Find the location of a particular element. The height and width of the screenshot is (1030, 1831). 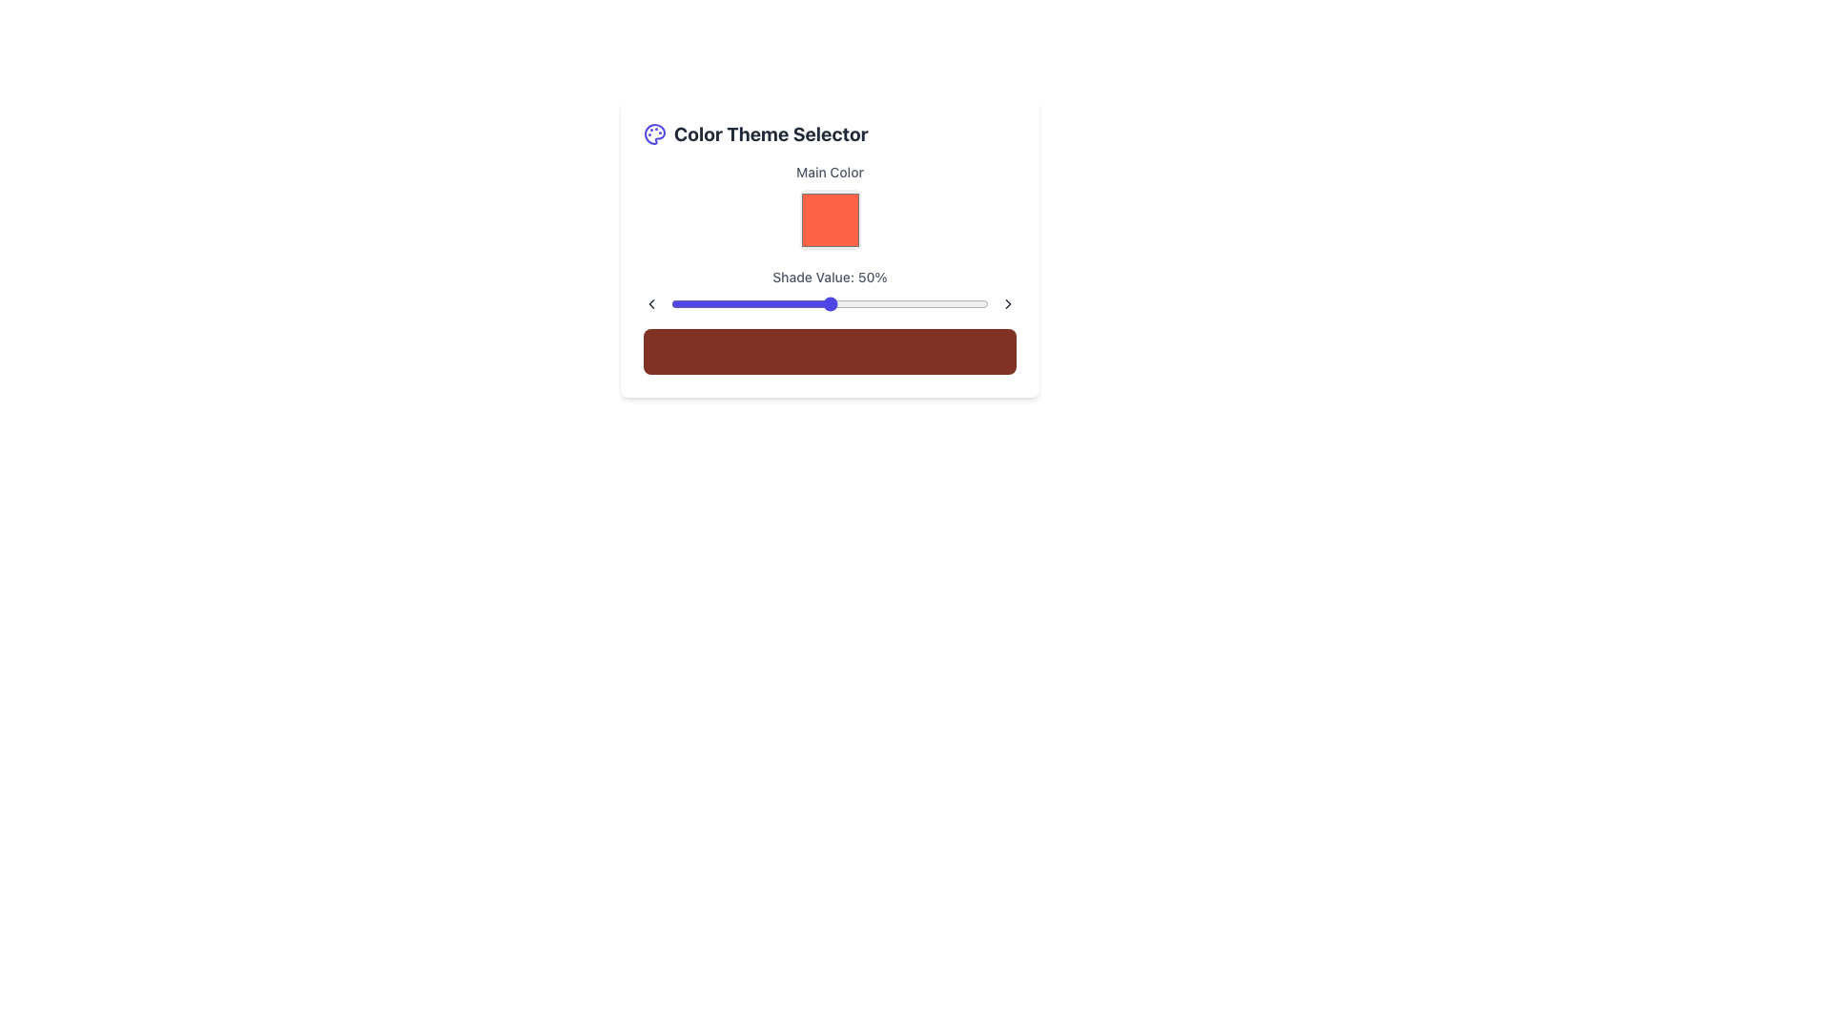

the shade value is located at coordinates (750, 303).